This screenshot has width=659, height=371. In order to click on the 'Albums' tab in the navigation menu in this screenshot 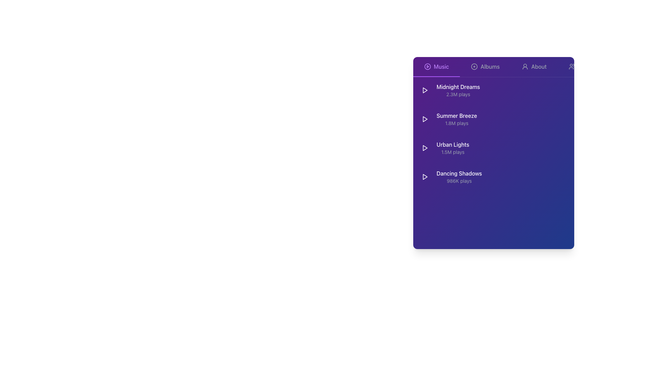, I will do `click(485, 67)`.